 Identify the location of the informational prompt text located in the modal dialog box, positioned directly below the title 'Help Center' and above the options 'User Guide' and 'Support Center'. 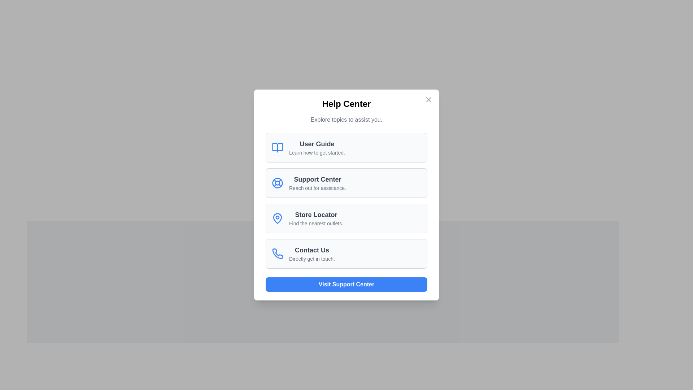
(346, 119).